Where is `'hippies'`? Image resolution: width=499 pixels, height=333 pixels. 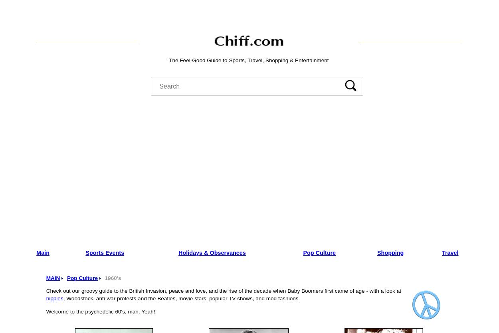 'hippies' is located at coordinates (54, 298).